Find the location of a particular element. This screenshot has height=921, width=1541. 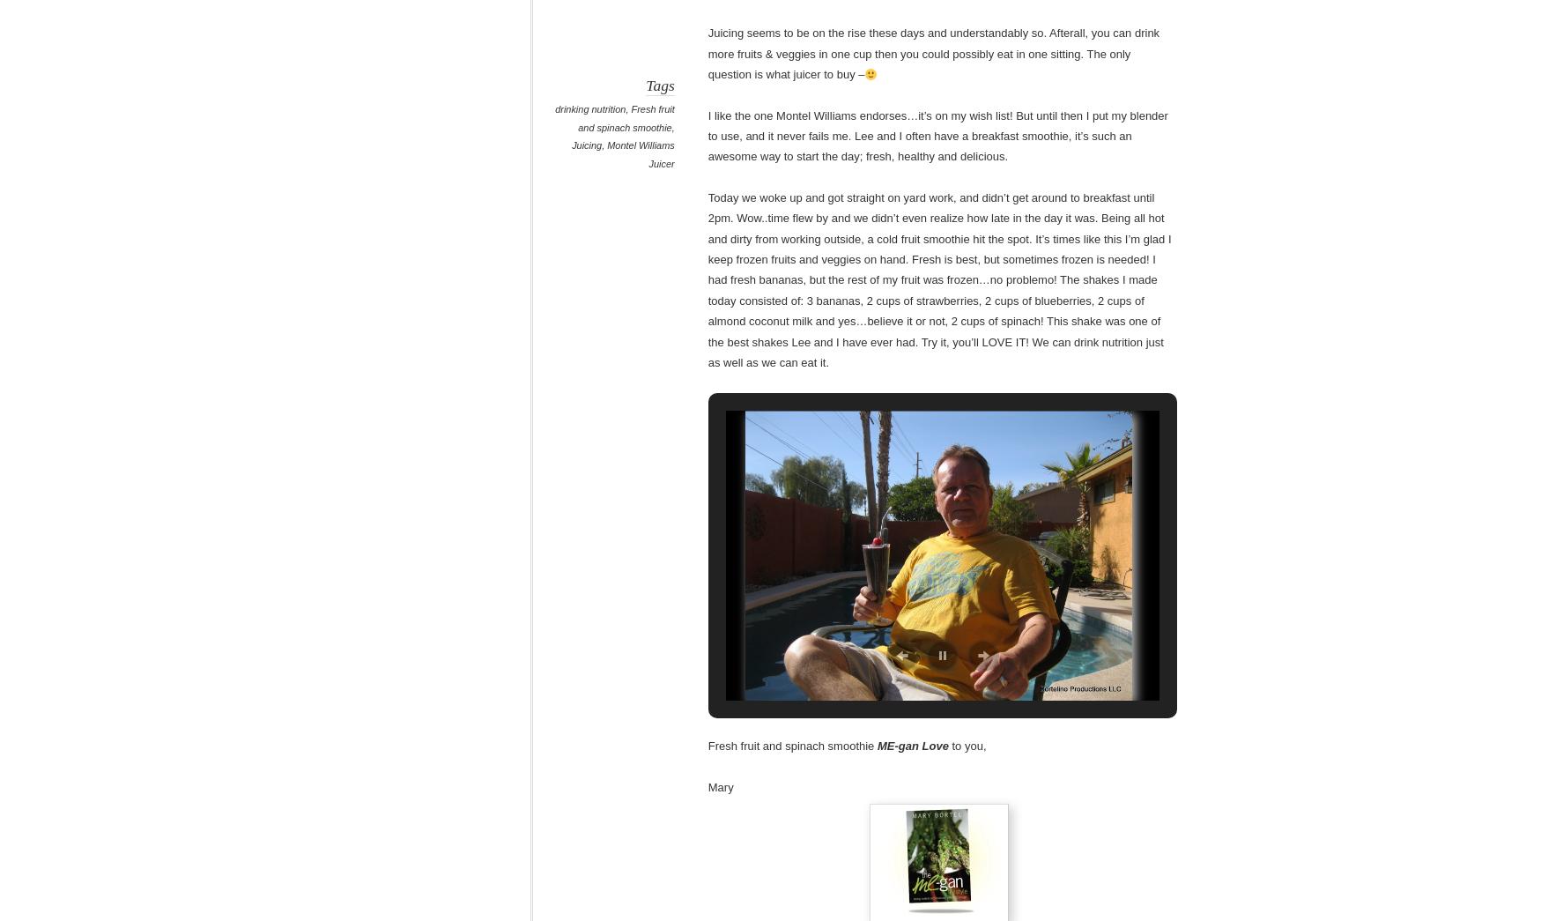

'Mary' is located at coordinates (707, 786).